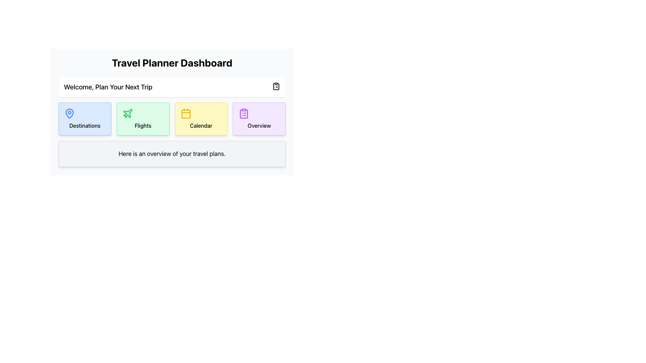 The image size is (646, 363). I want to click on the main body of the calendar icon represented by the SVG rectangle, which is located slightly below the twin vertical strokes on the calendar button, so click(186, 114).